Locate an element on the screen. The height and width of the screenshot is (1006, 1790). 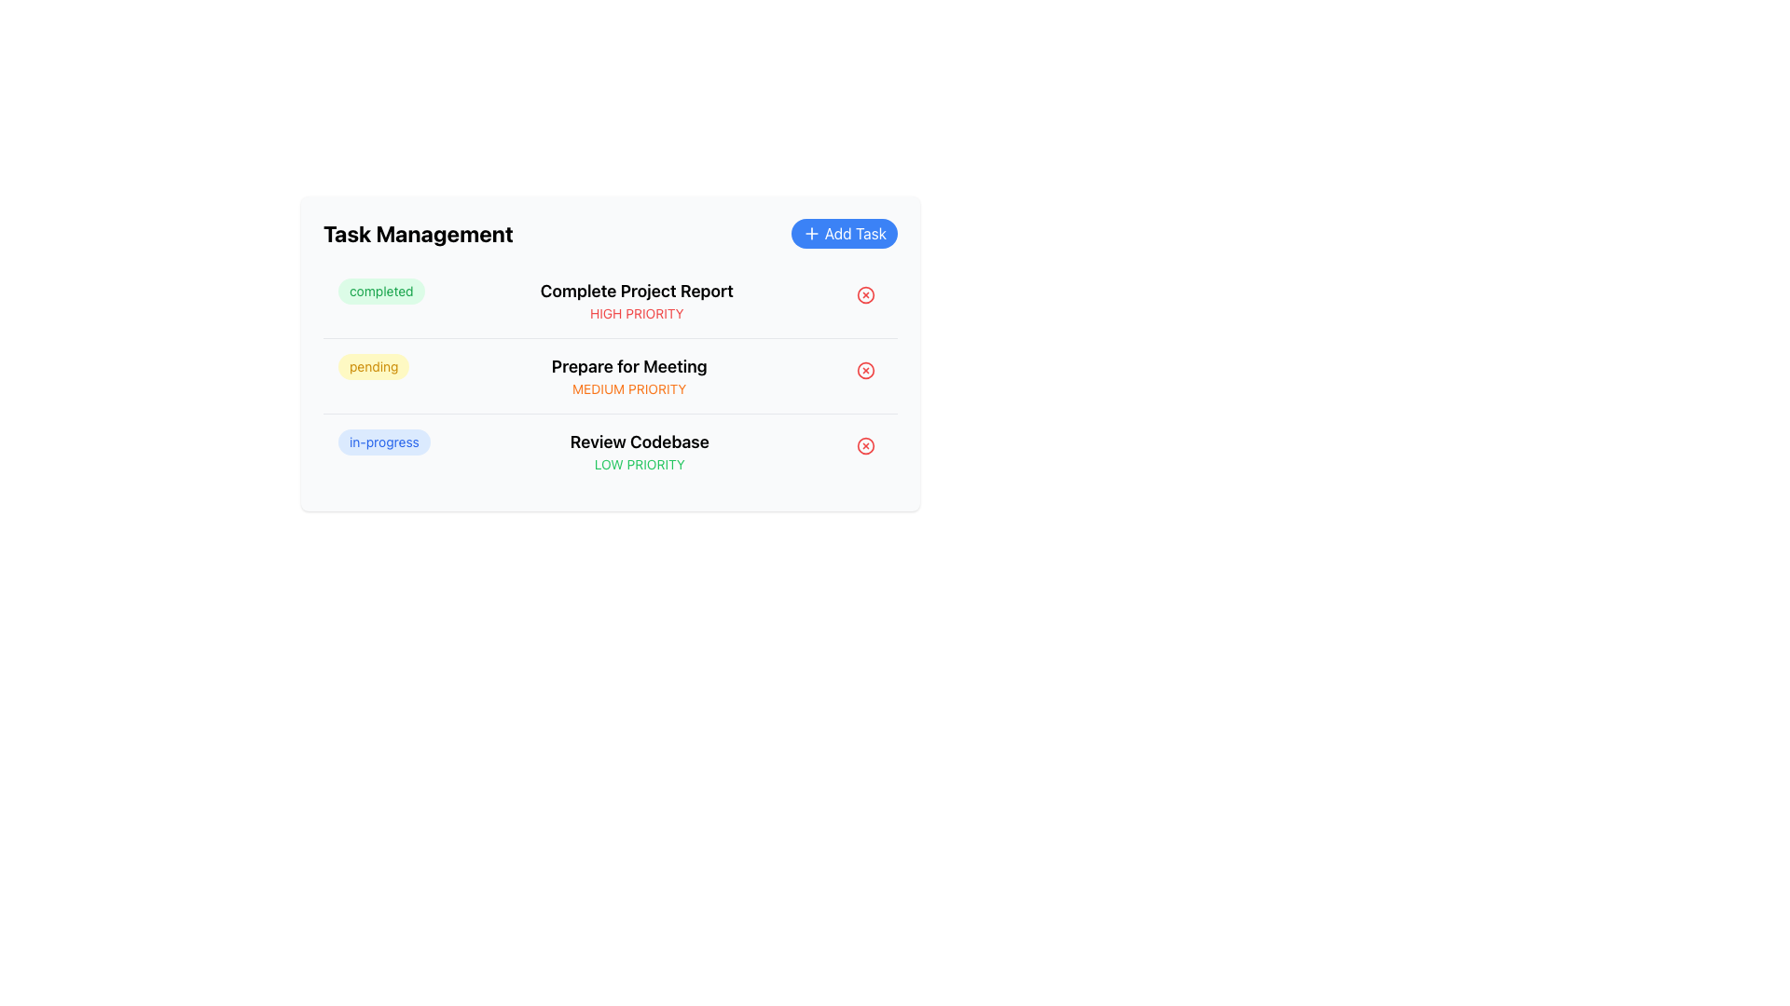
the status label displaying 'completed' in green, which is located on the left side of the task item row for 'Complete Project Report' is located at coordinates (380, 291).